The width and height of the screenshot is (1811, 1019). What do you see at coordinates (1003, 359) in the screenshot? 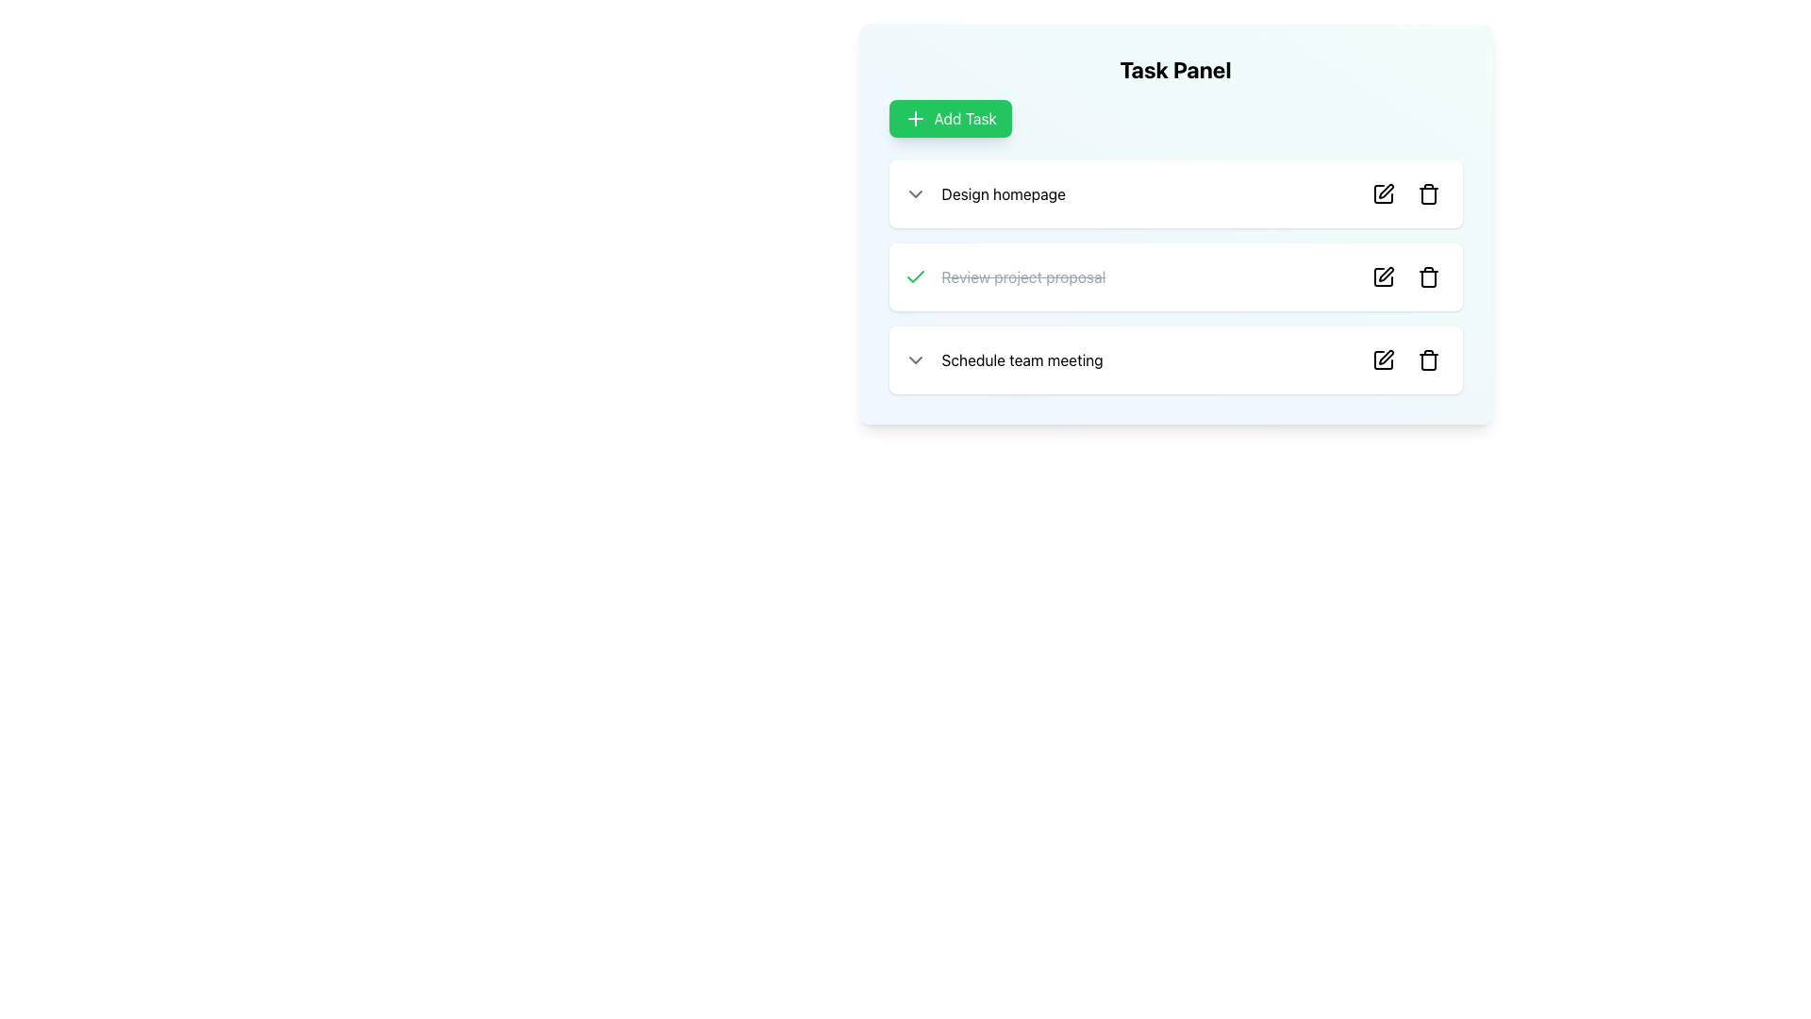
I see `the list item labeled 'Schedule team meeting'` at bounding box center [1003, 359].